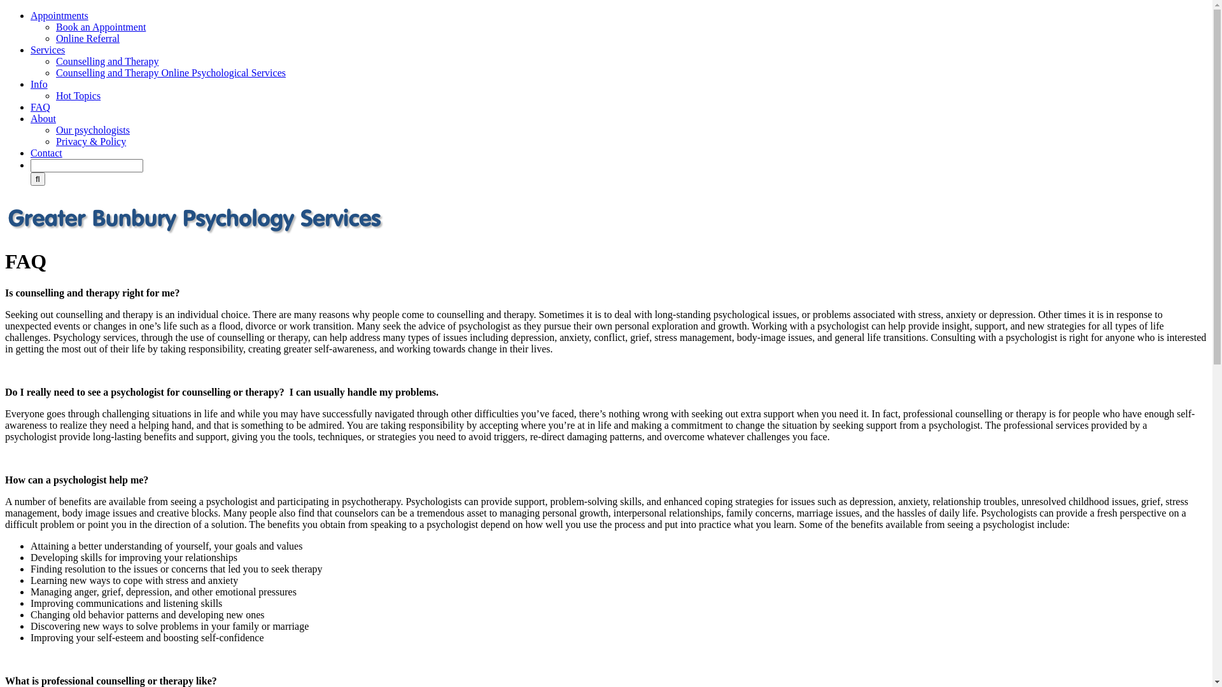 The image size is (1222, 687). What do you see at coordinates (48, 49) in the screenshot?
I see `'Services'` at bounding box center [48, 49].